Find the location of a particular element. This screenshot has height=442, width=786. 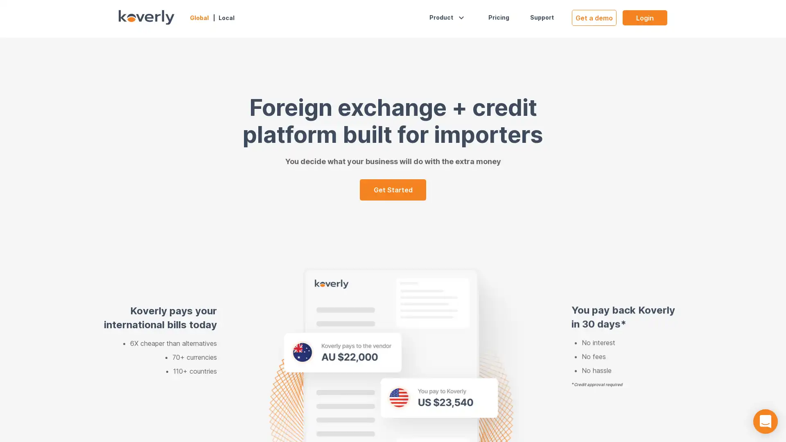

Open Intercom Messenger is located at coordinates (765, 421).